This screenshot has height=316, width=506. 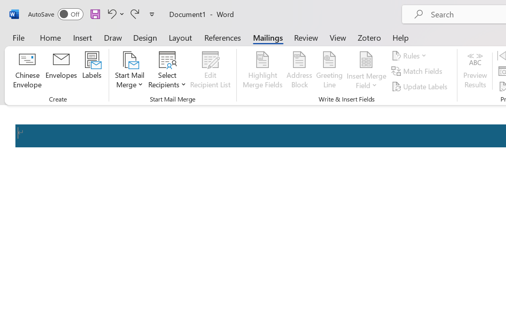 I want to click on 'Start Mail Merge', so click(x=130, y=71).